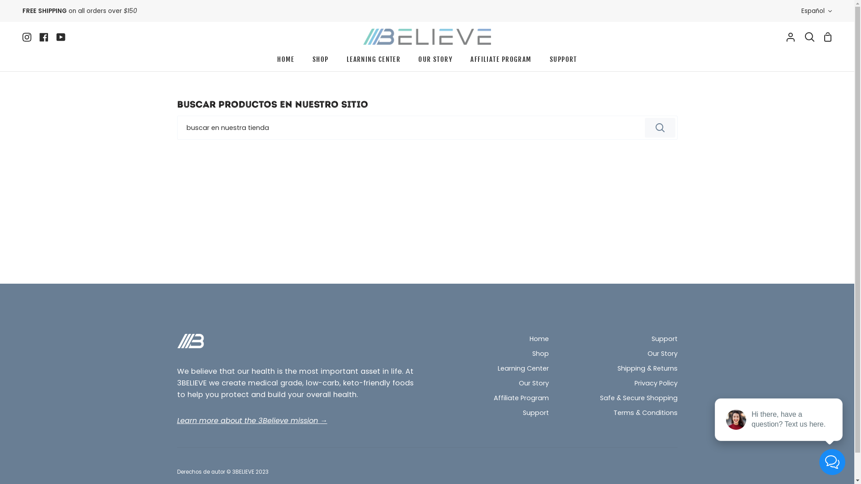  I want to click on 'Support', so click(536, 413).